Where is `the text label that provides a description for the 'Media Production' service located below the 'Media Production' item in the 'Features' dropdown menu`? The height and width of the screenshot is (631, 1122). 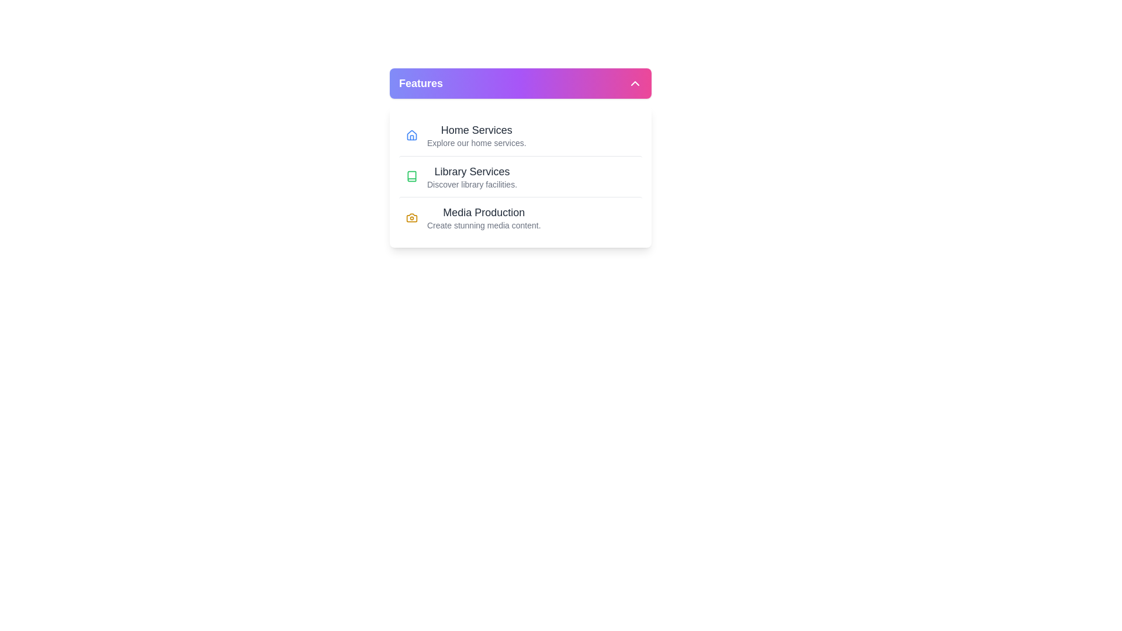
the text label that provides a description for the 'Media Production' service located below the 'Media Production' item in the 'Features' dropdown menu is located at coordinates (484, 225).